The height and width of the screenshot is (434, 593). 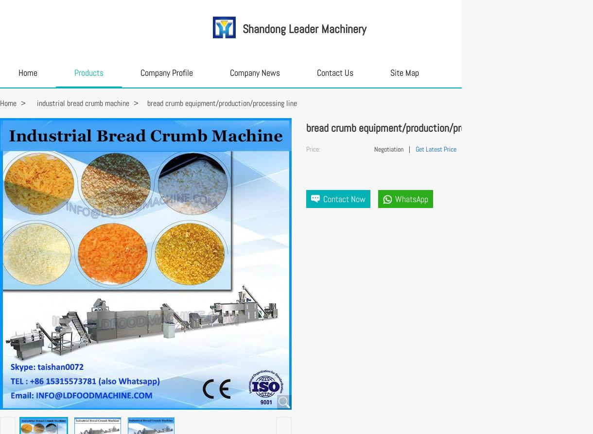 What do you see at coordinates (390, 72) in the screenshot?
I see `'Site Map'` at bounding box center [390, 72].